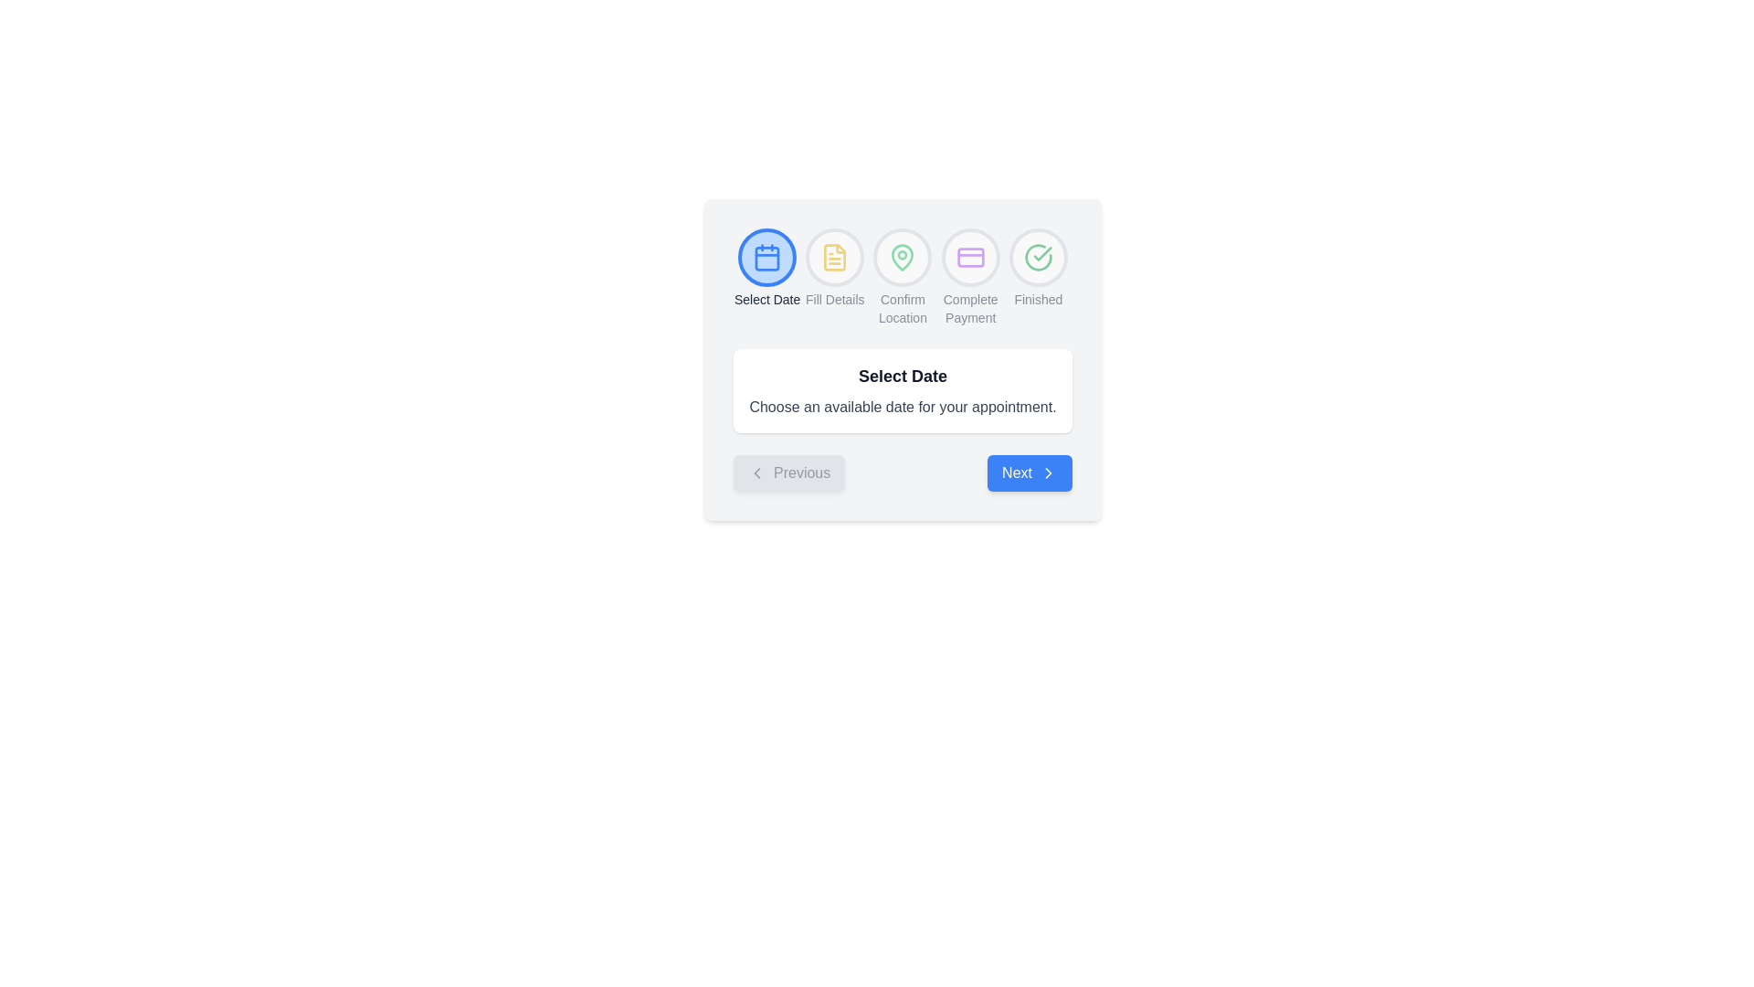 The image size is (1754, 987). Describe the element at coordinates (969, 257) in the screenshot. I see `the inner rounded rectangle of the 'Complete Payment' icon, which is the fourth step in the navigation bar` at that location.